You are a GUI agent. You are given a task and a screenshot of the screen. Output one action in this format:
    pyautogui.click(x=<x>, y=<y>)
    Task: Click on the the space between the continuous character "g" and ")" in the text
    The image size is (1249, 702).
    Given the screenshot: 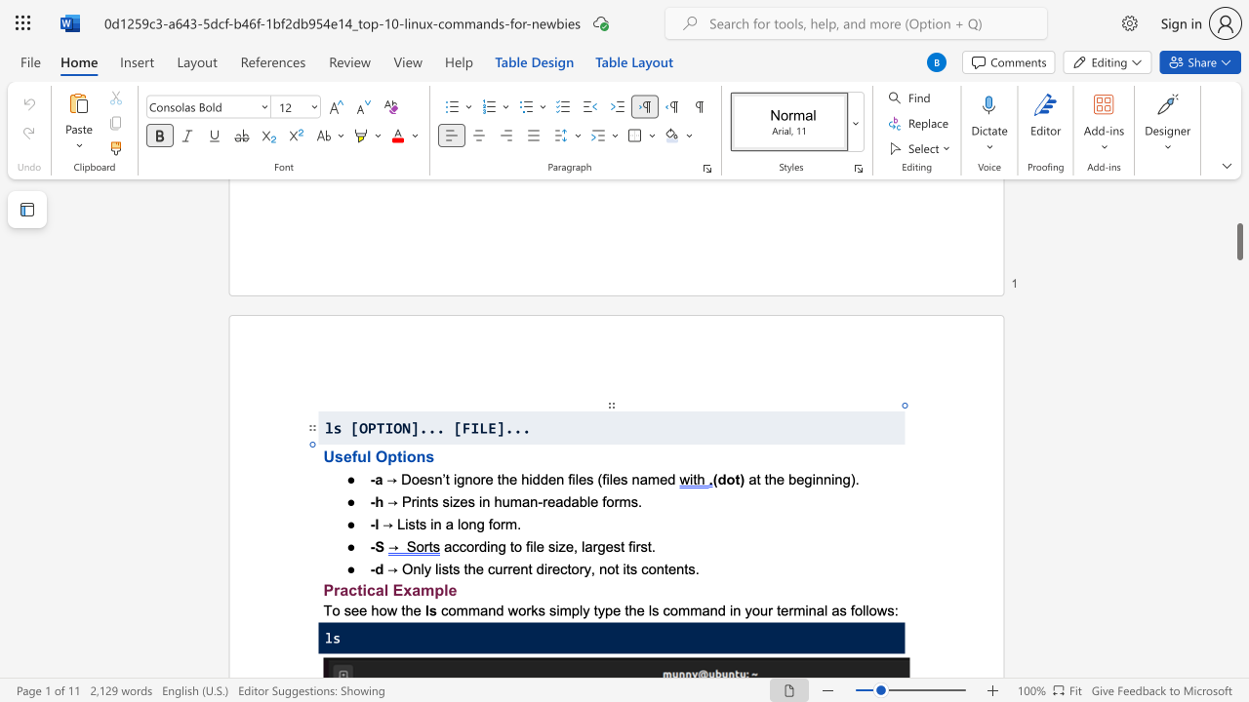 What is the action you would take?
    pyautogui.click(x=849, y=479)
    